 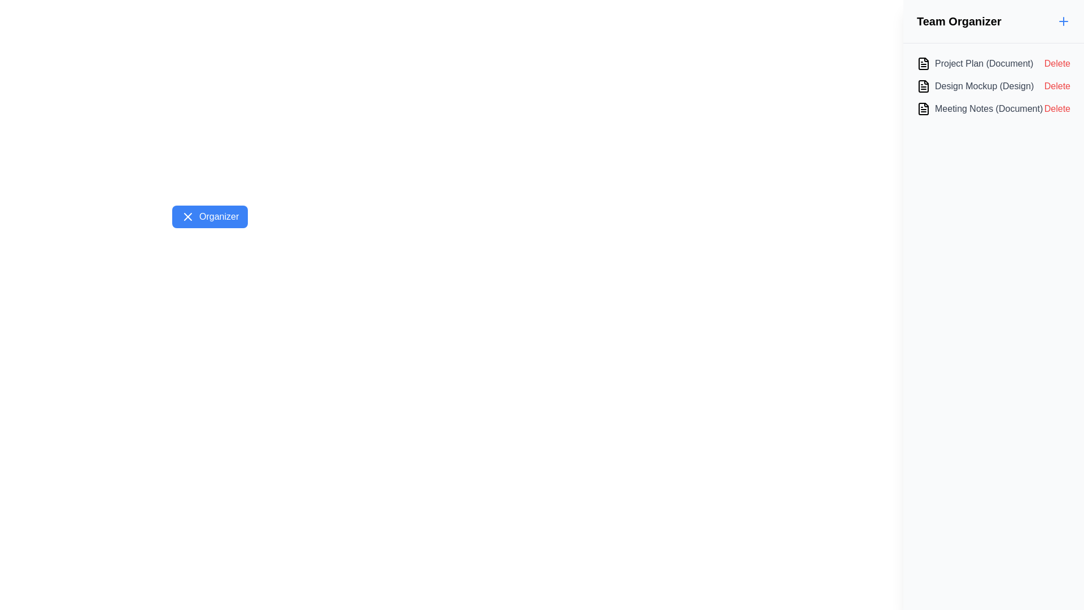 I want to click on the second list item in the right sidebar labeled 'Design Mockup (Design)', so click(x=974, y=86).